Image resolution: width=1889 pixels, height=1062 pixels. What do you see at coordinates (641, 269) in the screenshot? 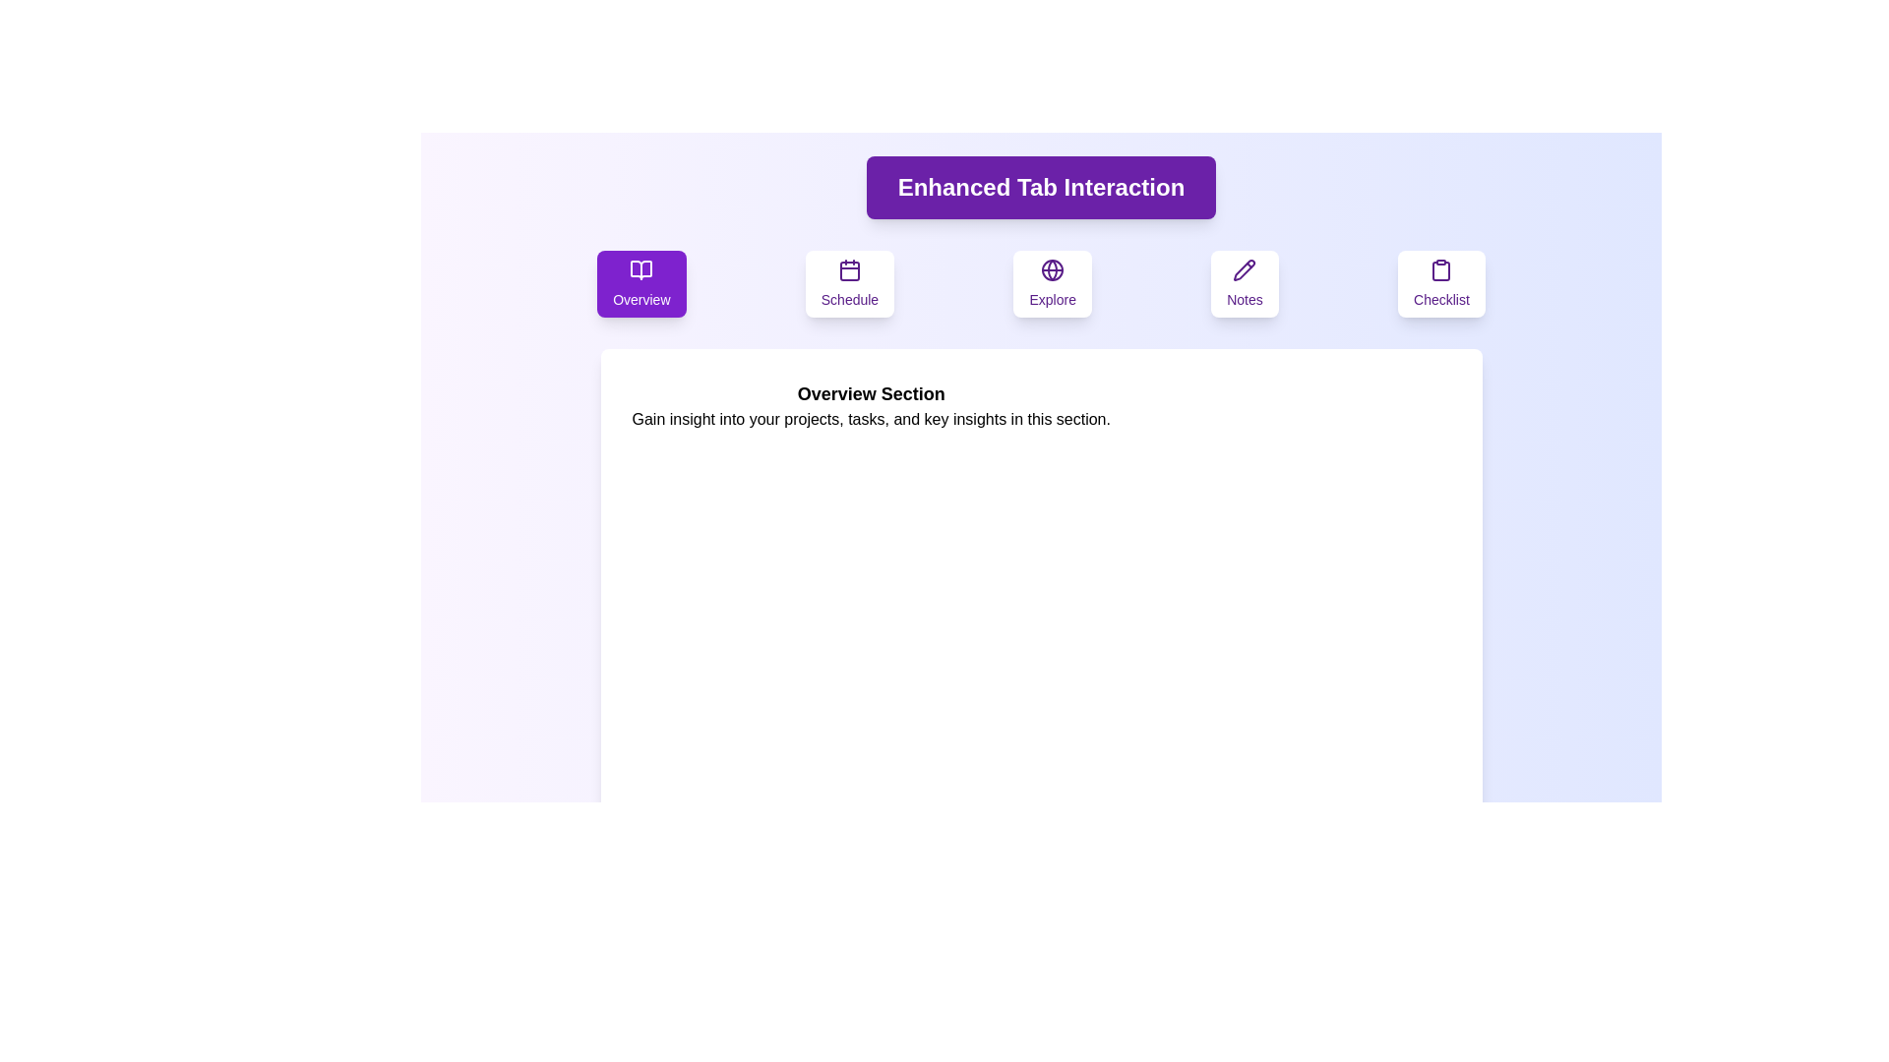
I see `the open book icon within the 'Overview' button located in the top-left navigation menu` at bounding box center [641, 269].